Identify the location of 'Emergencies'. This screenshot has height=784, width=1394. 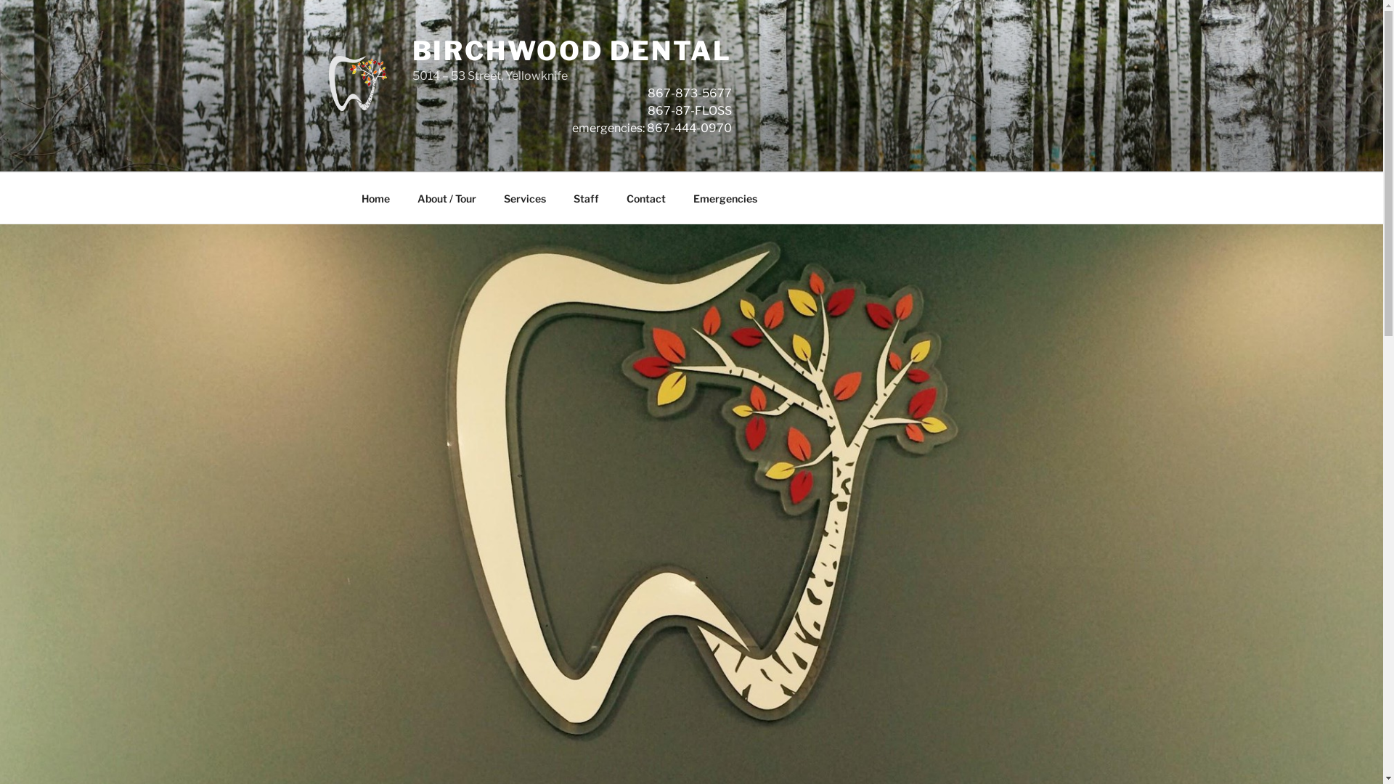
(725, 197).